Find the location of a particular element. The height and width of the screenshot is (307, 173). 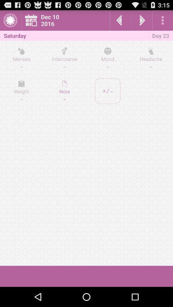

more is located at coordinates (162, 20).